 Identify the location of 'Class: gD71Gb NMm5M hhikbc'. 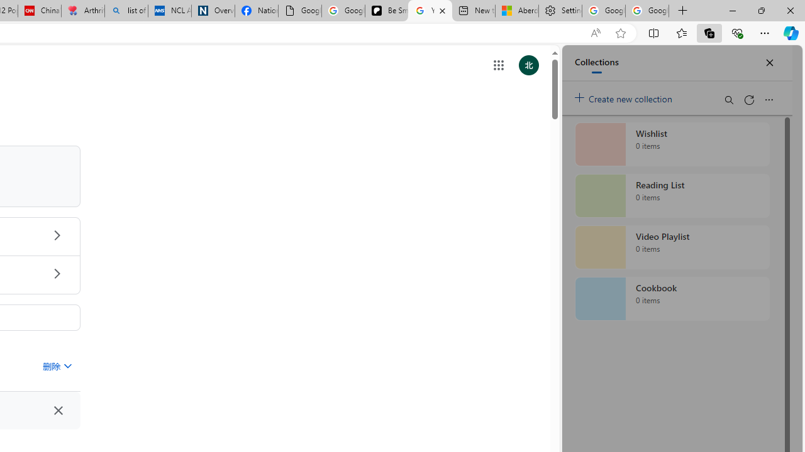
(56, 272).